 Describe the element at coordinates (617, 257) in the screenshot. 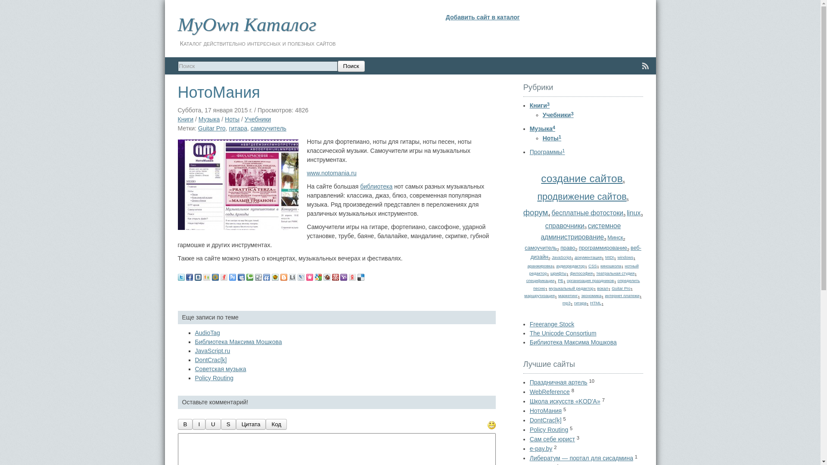

I see `'windows'` at that location.